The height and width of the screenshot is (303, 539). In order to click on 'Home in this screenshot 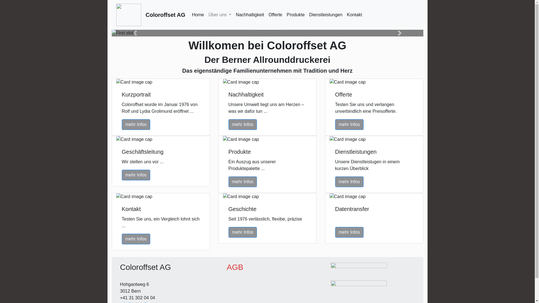, I will do `click(198, 15)`.